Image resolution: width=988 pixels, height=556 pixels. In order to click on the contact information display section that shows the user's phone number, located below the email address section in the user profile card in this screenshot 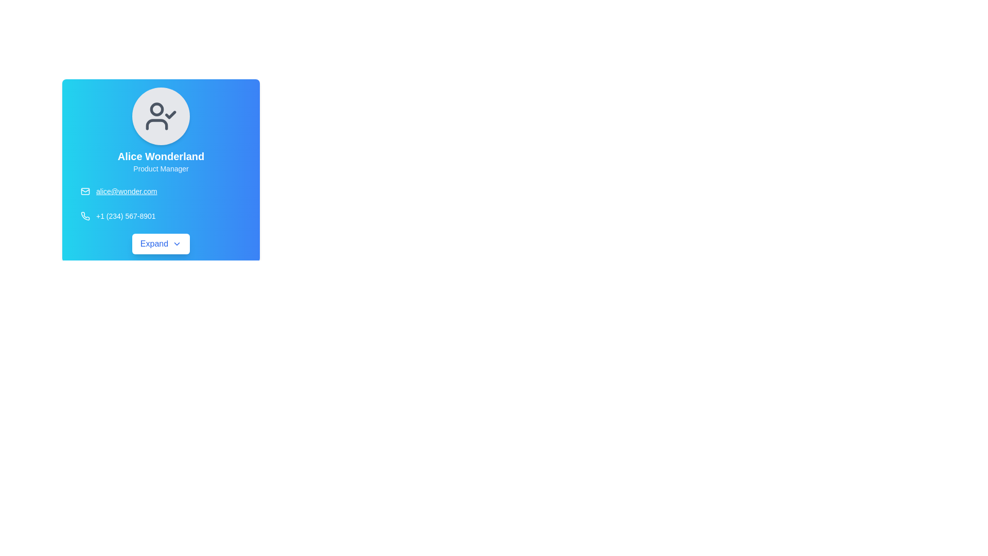, I will do `click(160, 216)`.